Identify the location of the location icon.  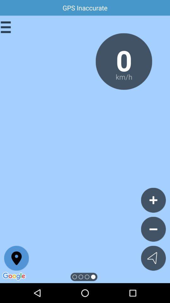
(16, 258).